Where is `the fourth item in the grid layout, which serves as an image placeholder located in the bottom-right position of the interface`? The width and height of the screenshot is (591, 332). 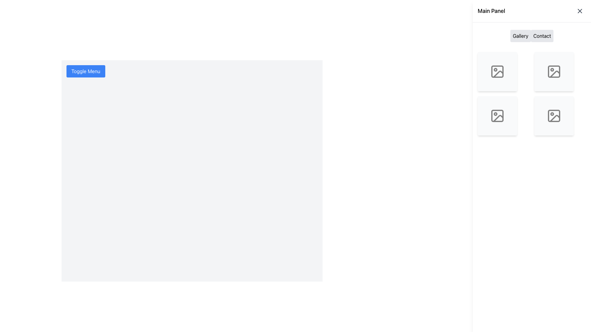
the fourth item in the grid layout, which serves as an image placeholder located in the bottom-right position of the interface is located at coordinates (554, 116).